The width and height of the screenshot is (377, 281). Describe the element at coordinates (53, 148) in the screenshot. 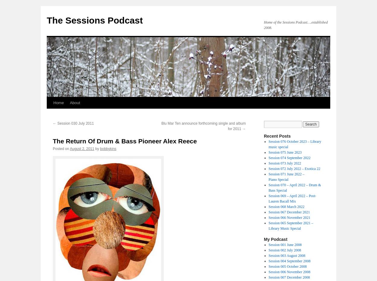

I see `'Posted on'` at that location.